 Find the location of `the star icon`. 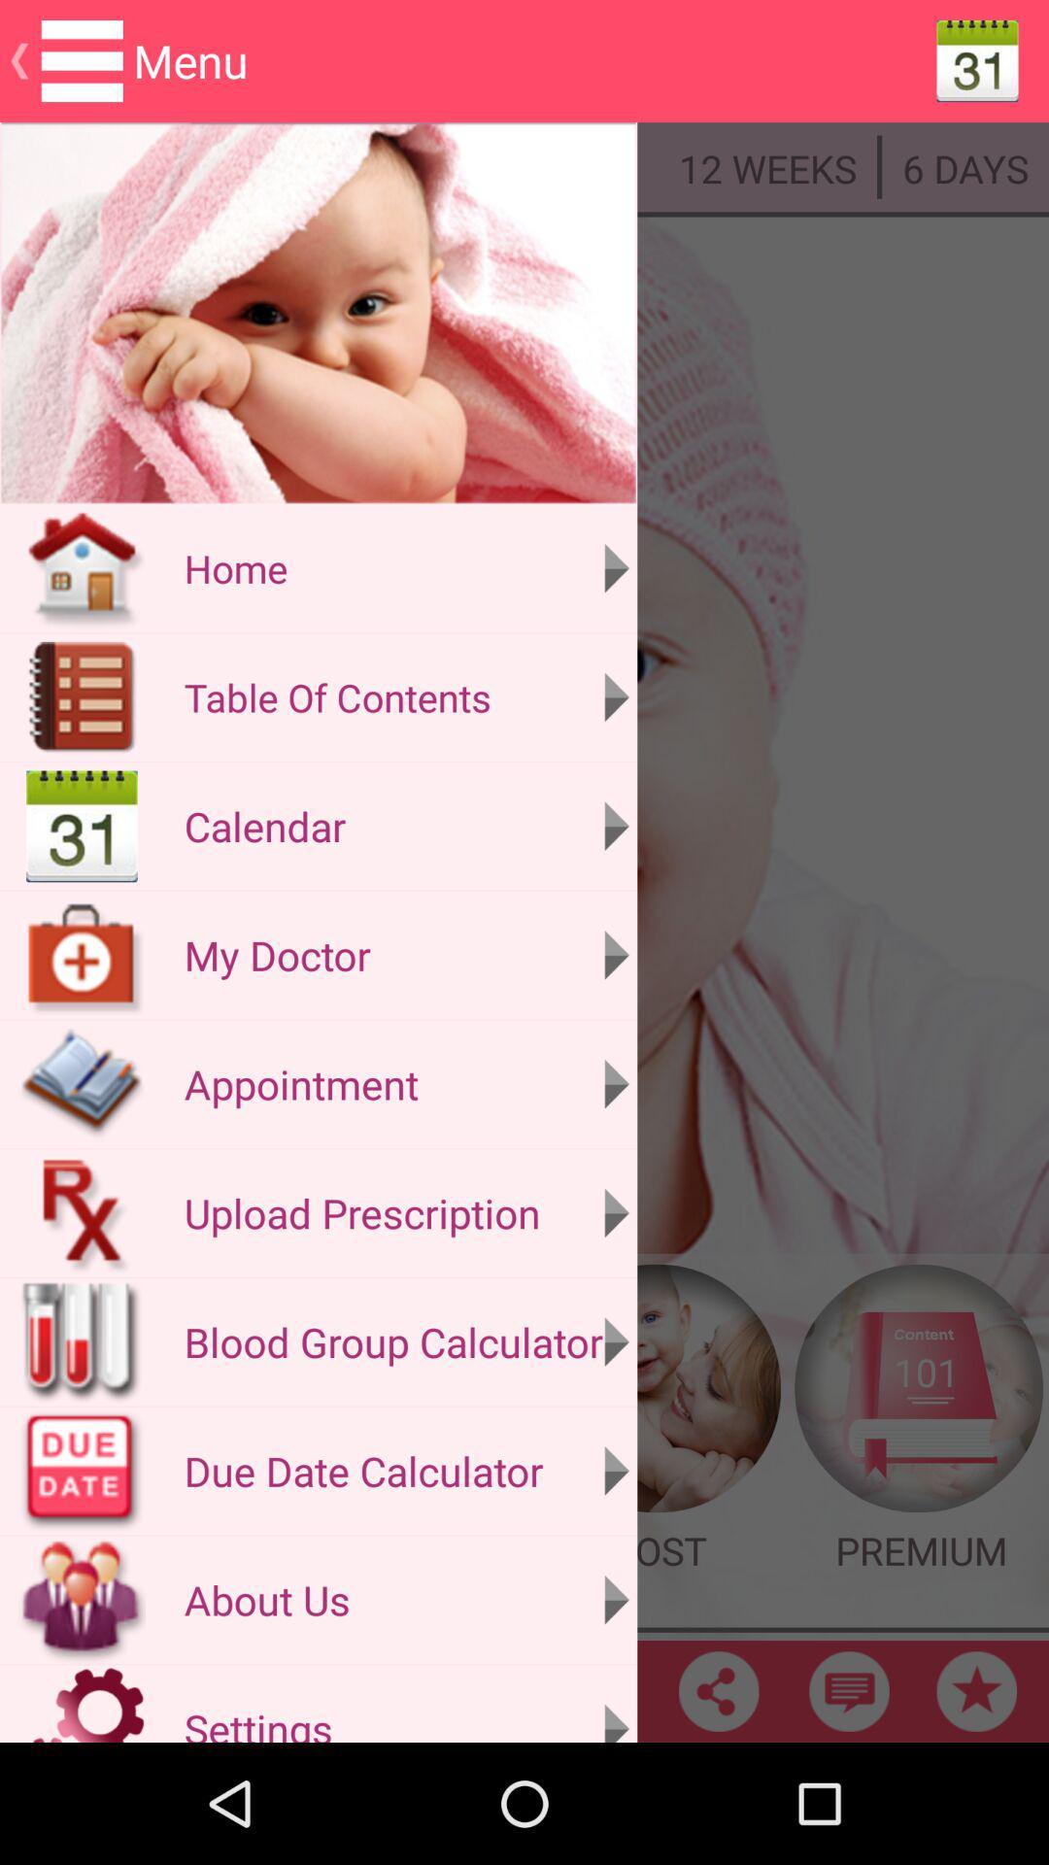

the star icon is located at coordinates (976, 1809).